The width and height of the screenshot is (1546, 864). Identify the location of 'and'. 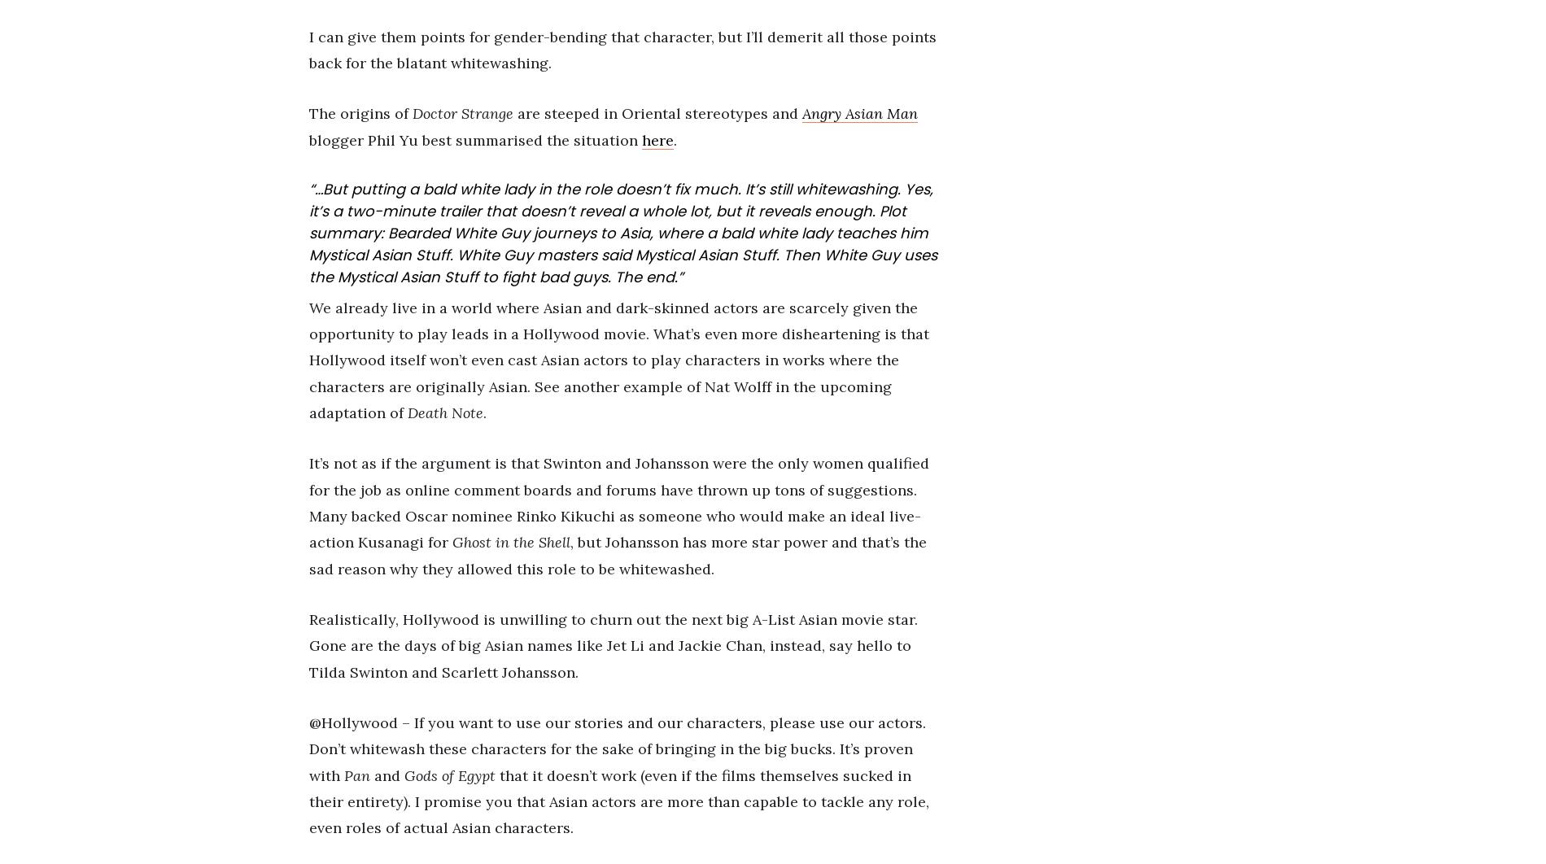
(386, 774).